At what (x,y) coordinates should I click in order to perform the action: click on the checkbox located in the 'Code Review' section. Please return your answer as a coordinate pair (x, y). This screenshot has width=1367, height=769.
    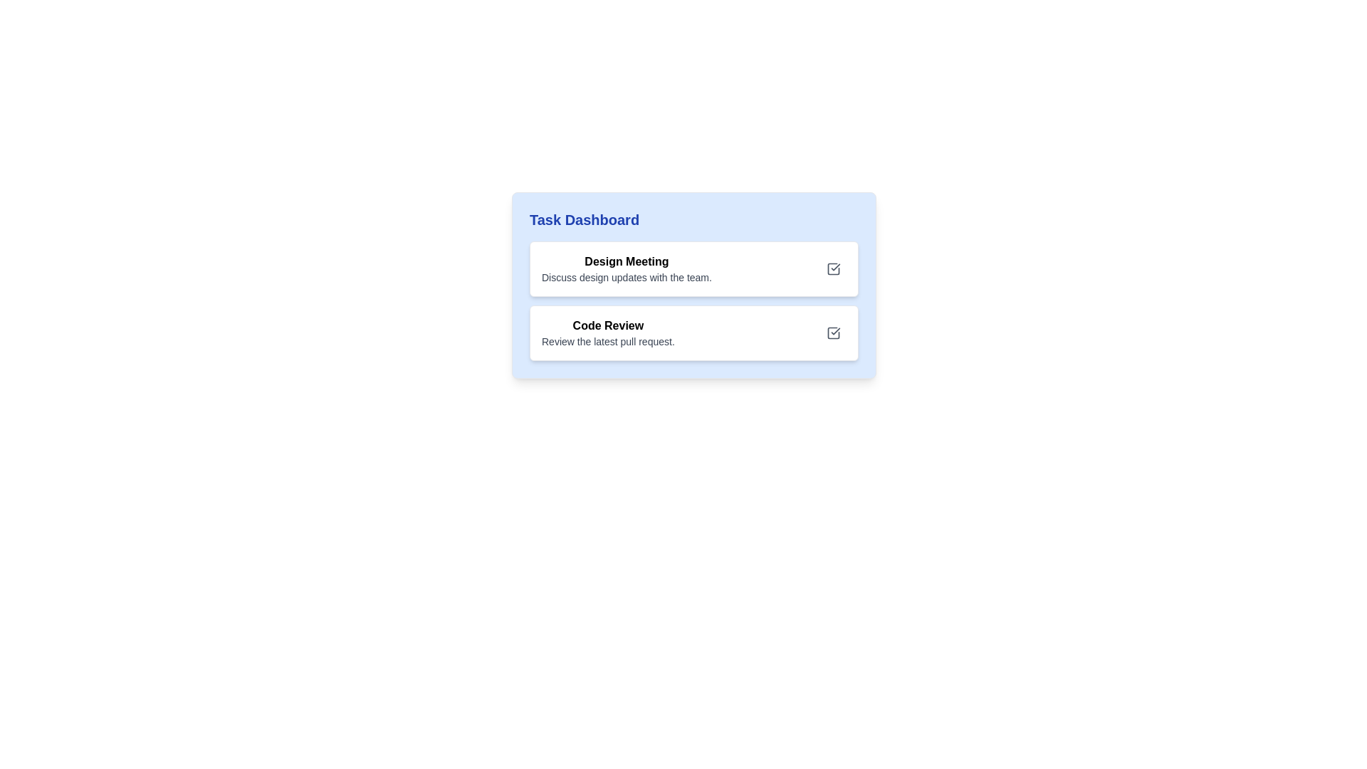
    Looking at the image, I should click on (834, 333).